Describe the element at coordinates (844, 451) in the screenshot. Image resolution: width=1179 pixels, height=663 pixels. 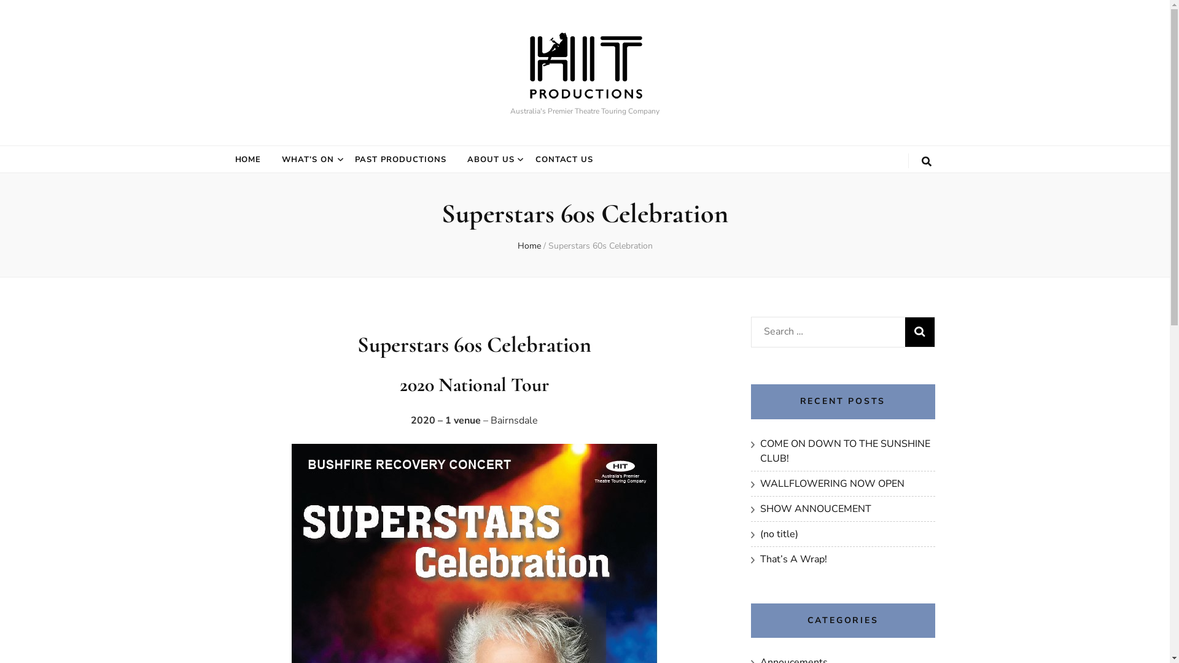
I see `'COME ON DOWN TO THE SUNSHINE CLUB!'` at that location.